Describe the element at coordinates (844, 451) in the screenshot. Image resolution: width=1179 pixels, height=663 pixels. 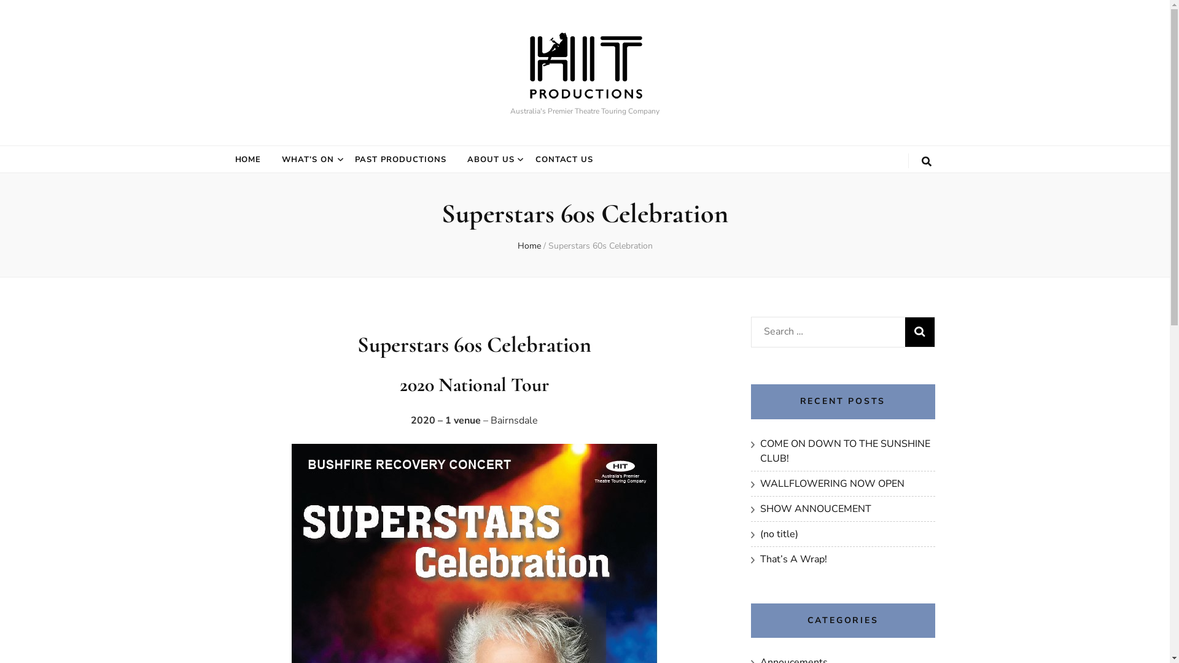
I see `'COME ON DOWN TO THE SUNSHINE CLUB!'` at that location.